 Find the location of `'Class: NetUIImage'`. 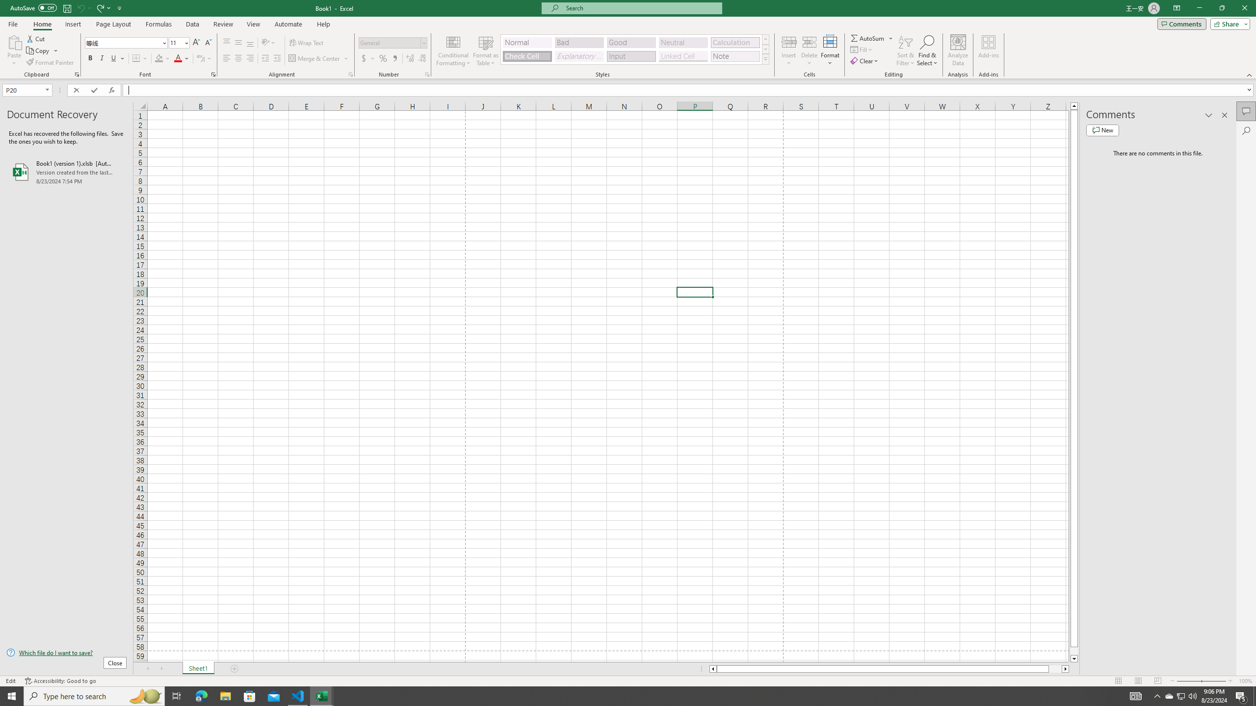

'Class: NetUIImage' is located at coordinates (765, 58).